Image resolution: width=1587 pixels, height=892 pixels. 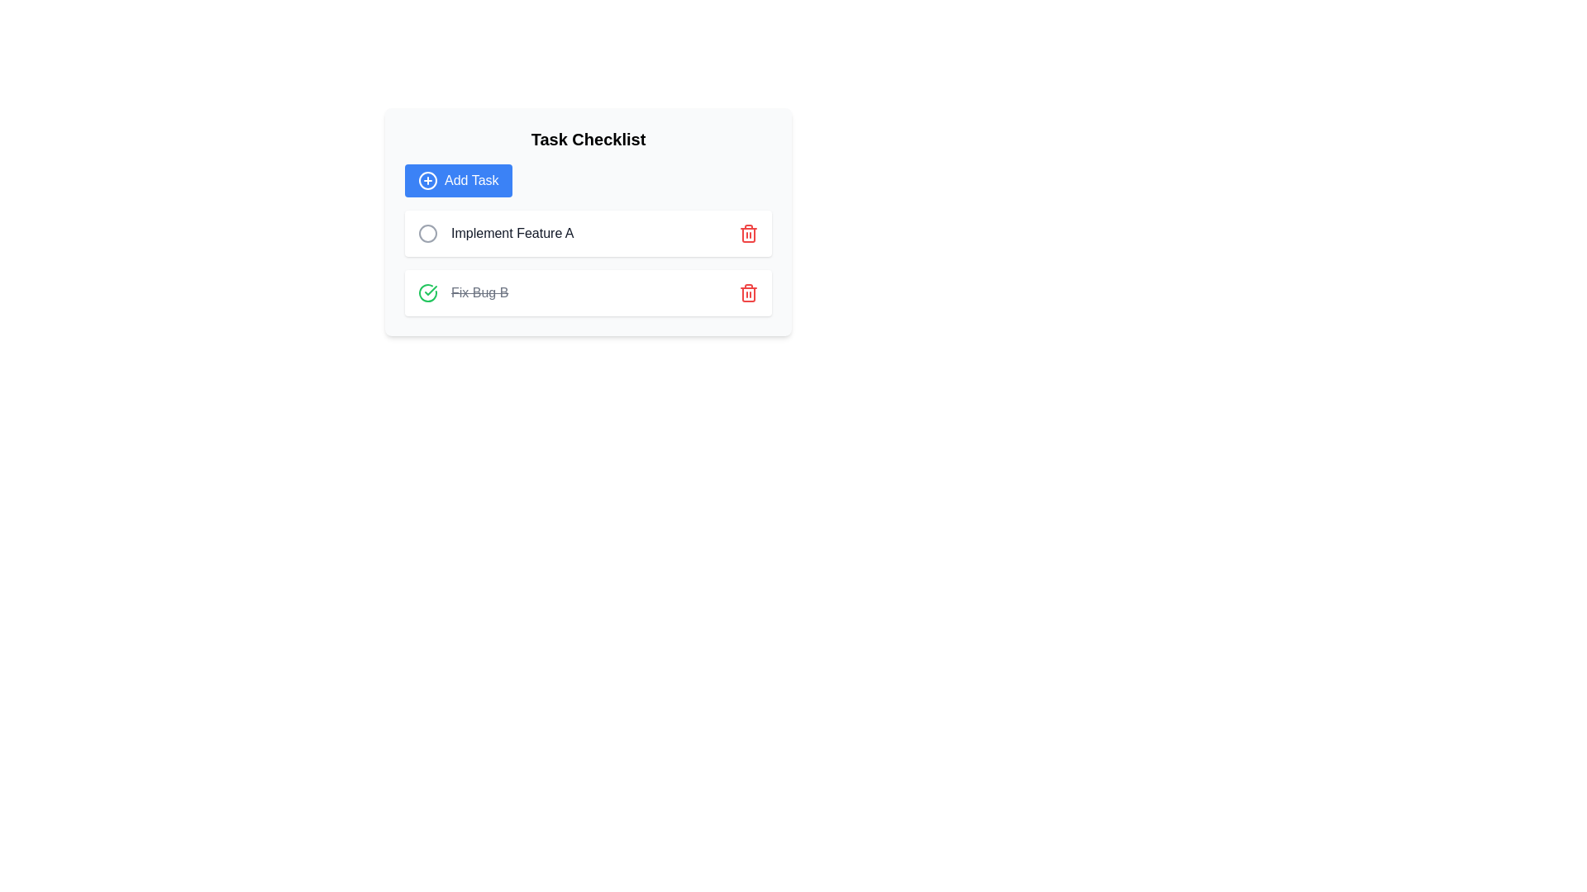 What do you see at coordinates (428, 233) in the screenshot?
I see `the circular selectable button styled as a gray outline, located to the left of the 'Implement Feature A' text` at bounding box center [428, 233].